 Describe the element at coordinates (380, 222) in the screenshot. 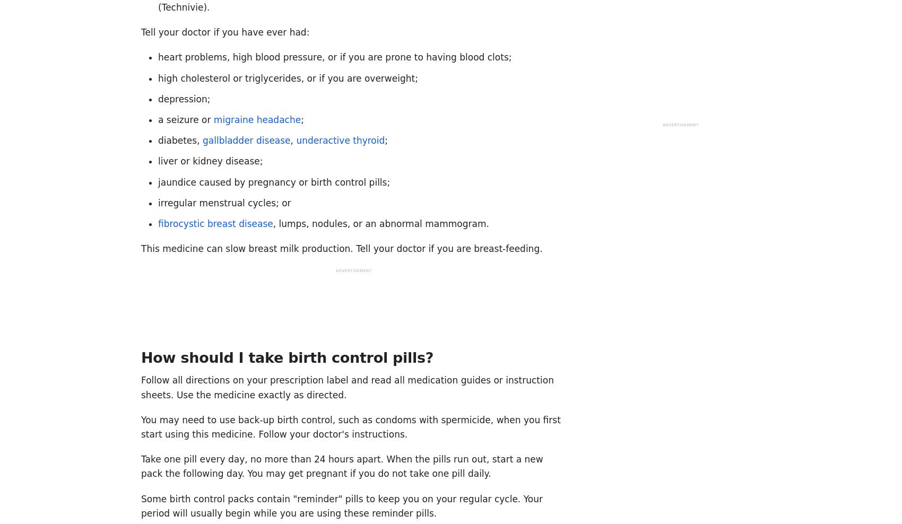

I see `', lumps, nodules, or an abnormal mammogram.'` at that location.